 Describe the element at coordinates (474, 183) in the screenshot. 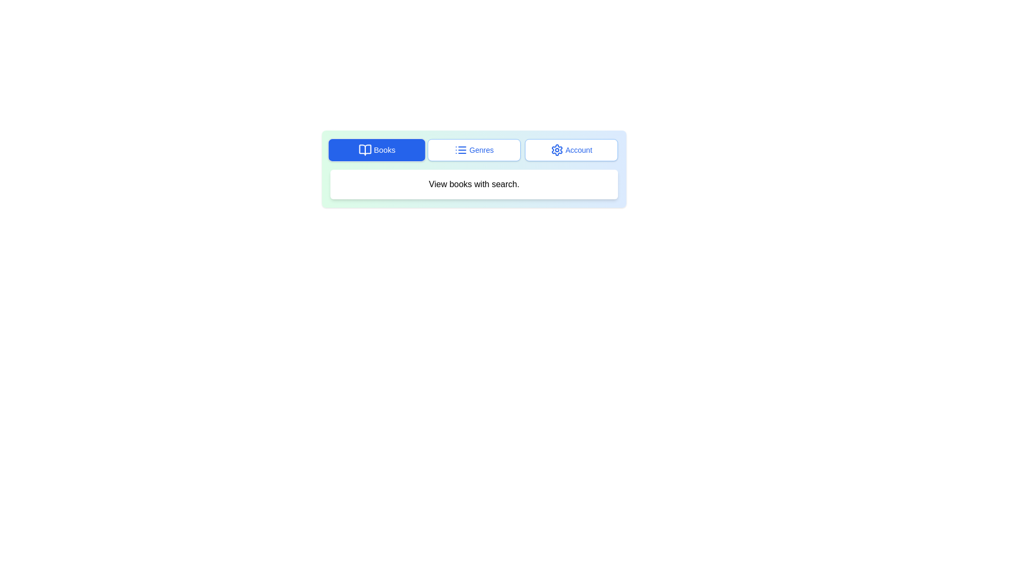

I see `the Static Text Box that provides instructions about viewing books, located below the 'Books,' 'Genres,' and 'Account' buttons` at that location.